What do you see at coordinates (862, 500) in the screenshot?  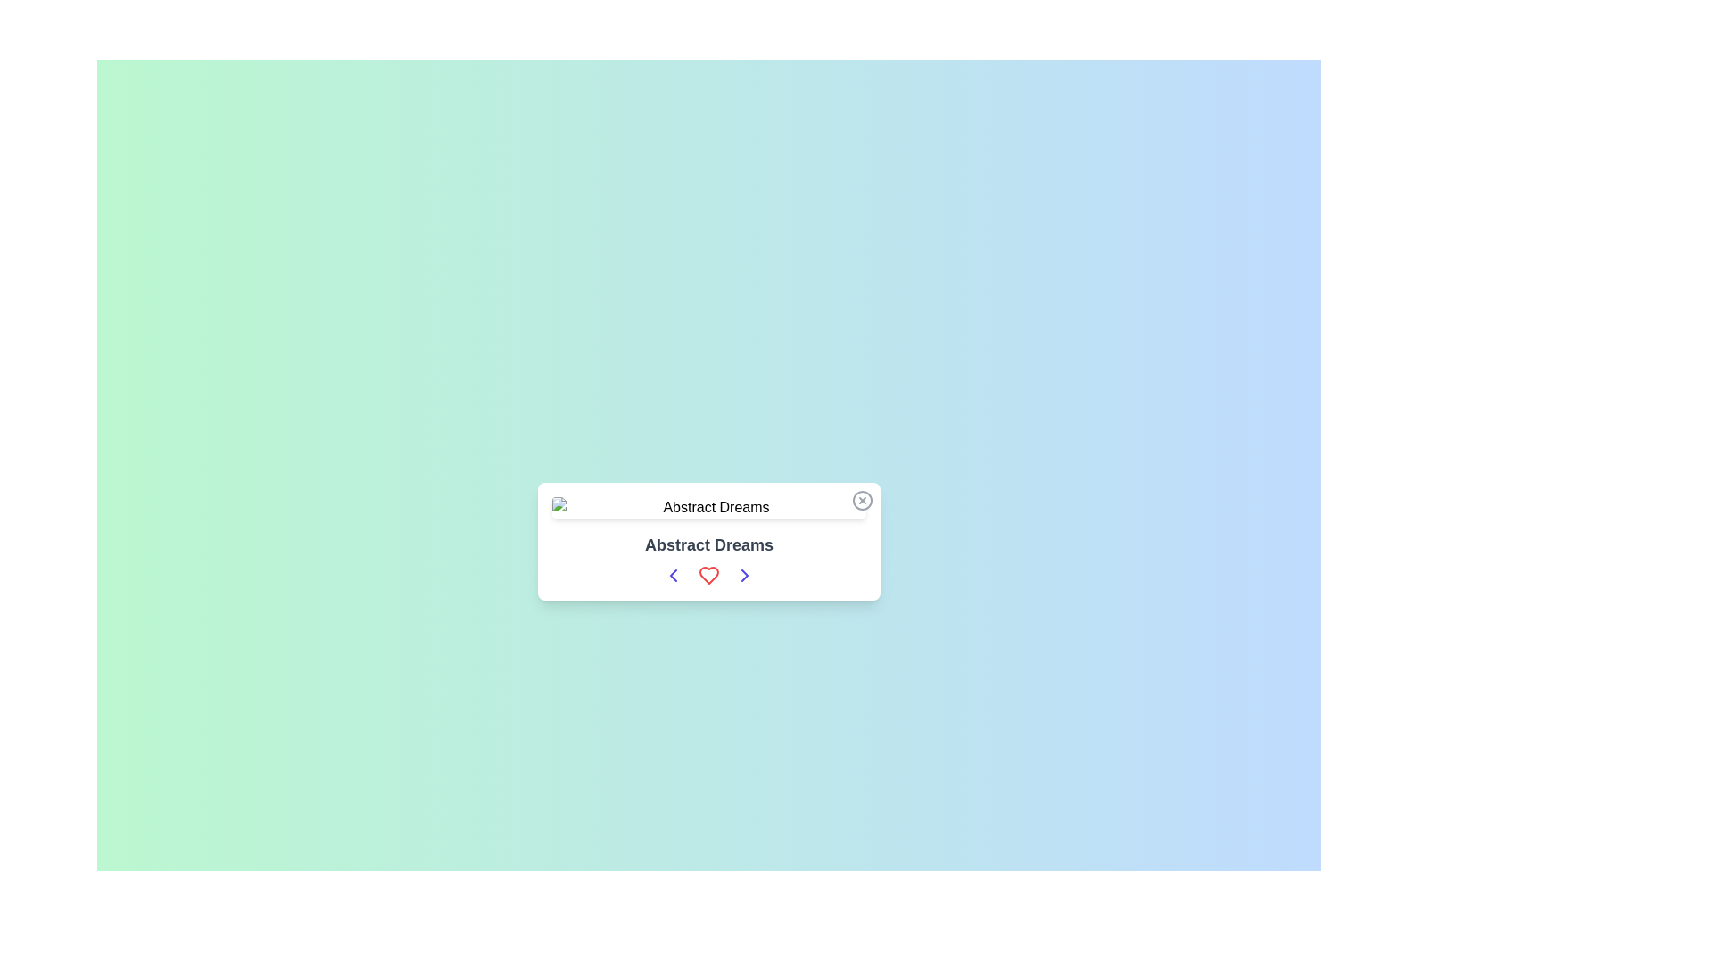 I see `the circular button with a thin border and an X mark at the top-right corner of the UI card` at bounding box center [862, 500].